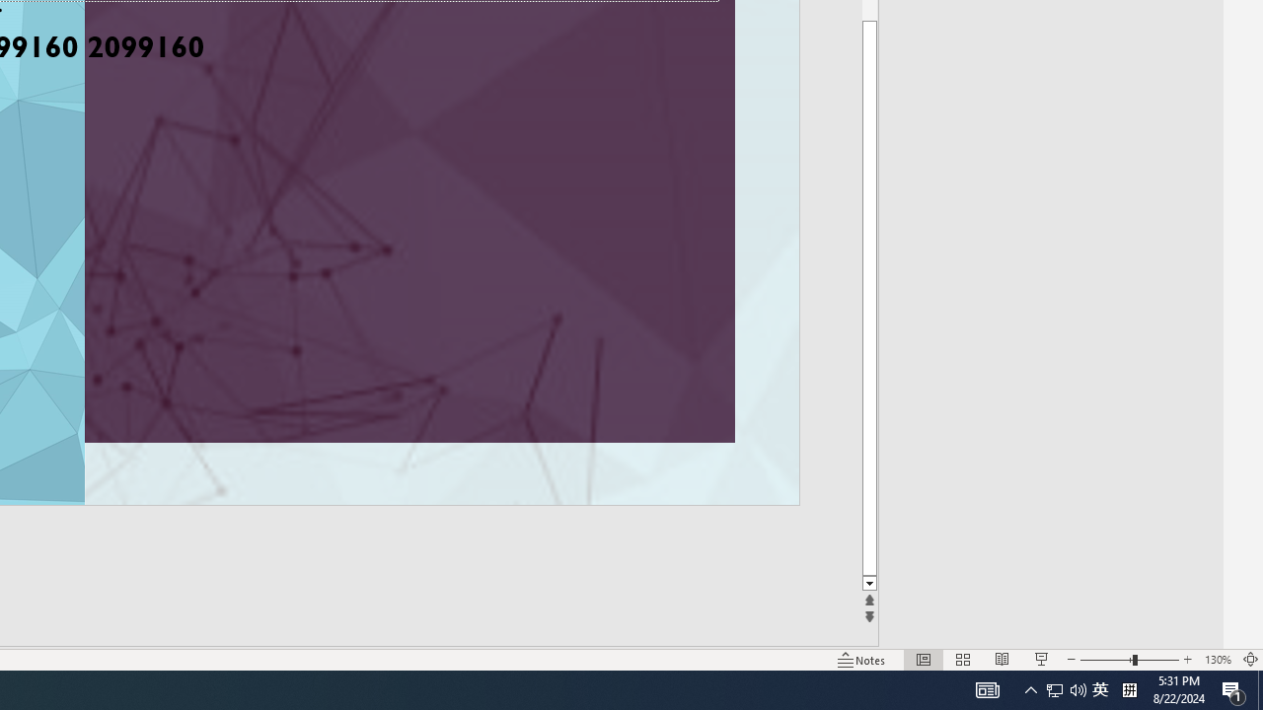 The image size is (1263, 710). I want to click on 'Zoom 130%', so click(1217, 660).